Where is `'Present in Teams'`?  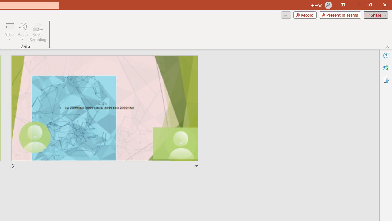
'Present in Teams' is located at coordinates (340, 14).